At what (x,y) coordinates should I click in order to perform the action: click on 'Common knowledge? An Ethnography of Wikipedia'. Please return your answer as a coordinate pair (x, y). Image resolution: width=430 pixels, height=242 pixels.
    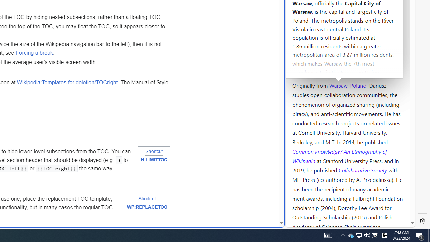
    Looking at the image, I should click on (339, 156).